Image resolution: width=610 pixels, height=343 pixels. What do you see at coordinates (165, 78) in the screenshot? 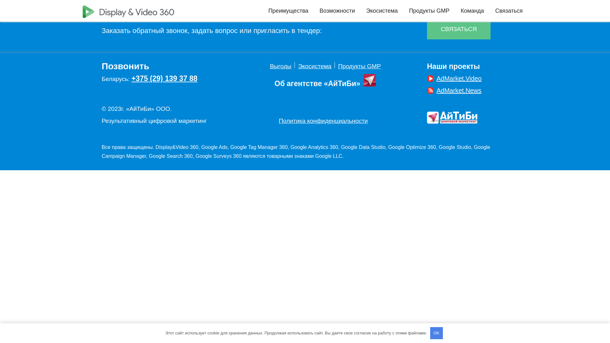
I see `'+375 (29) 139 37 88'` at bounding box center [165, 78].